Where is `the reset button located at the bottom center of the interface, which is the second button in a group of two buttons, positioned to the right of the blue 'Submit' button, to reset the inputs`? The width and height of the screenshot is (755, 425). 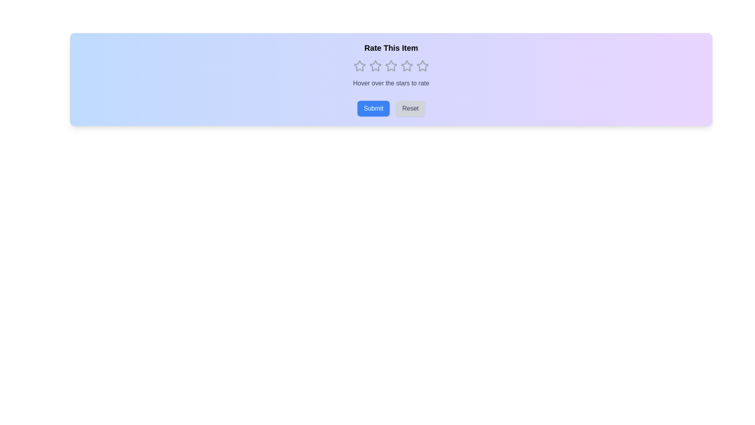 the reset button located at the bottom center of the interface, which is the second button in a group of two buttons, positioned to the right of the blue 'Submit' button, to reset the inputs is located at coordinates (410, 109).